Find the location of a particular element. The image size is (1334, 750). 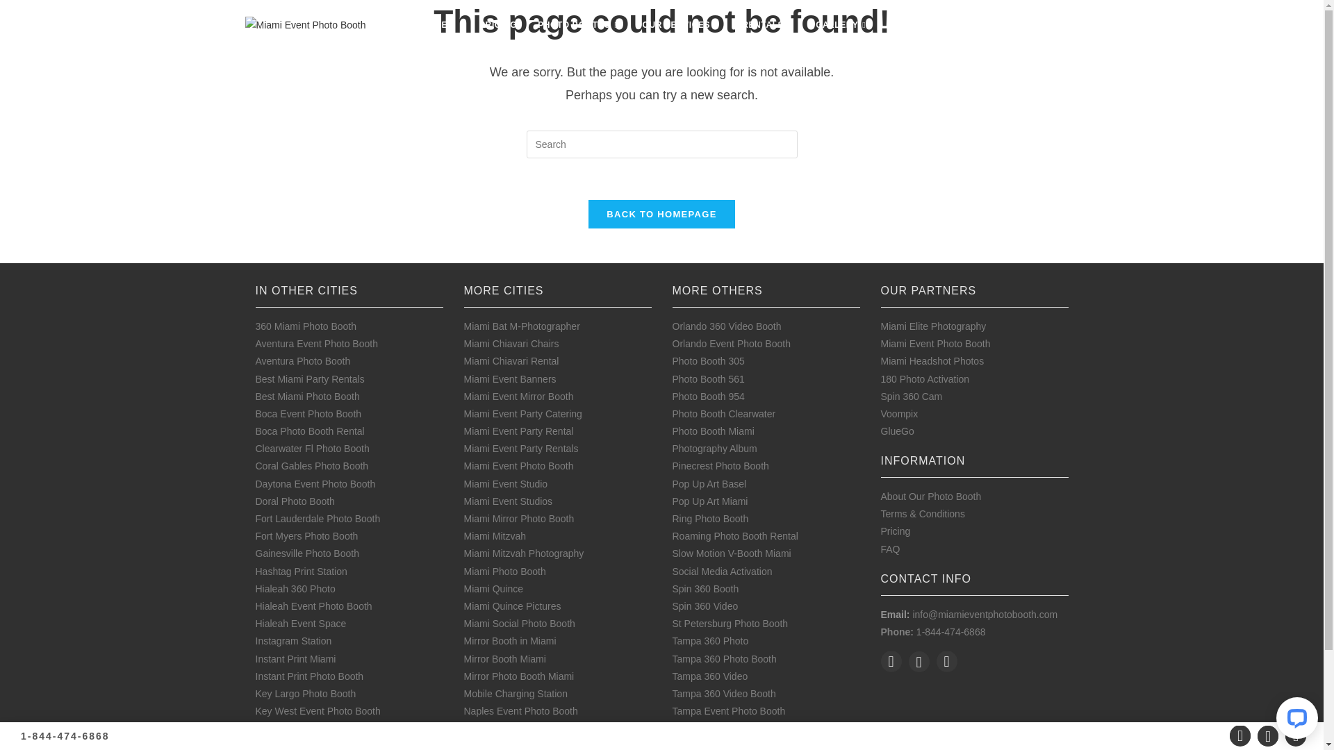

'Best Miami Photo Booth' is located at coordinates (306, 396).